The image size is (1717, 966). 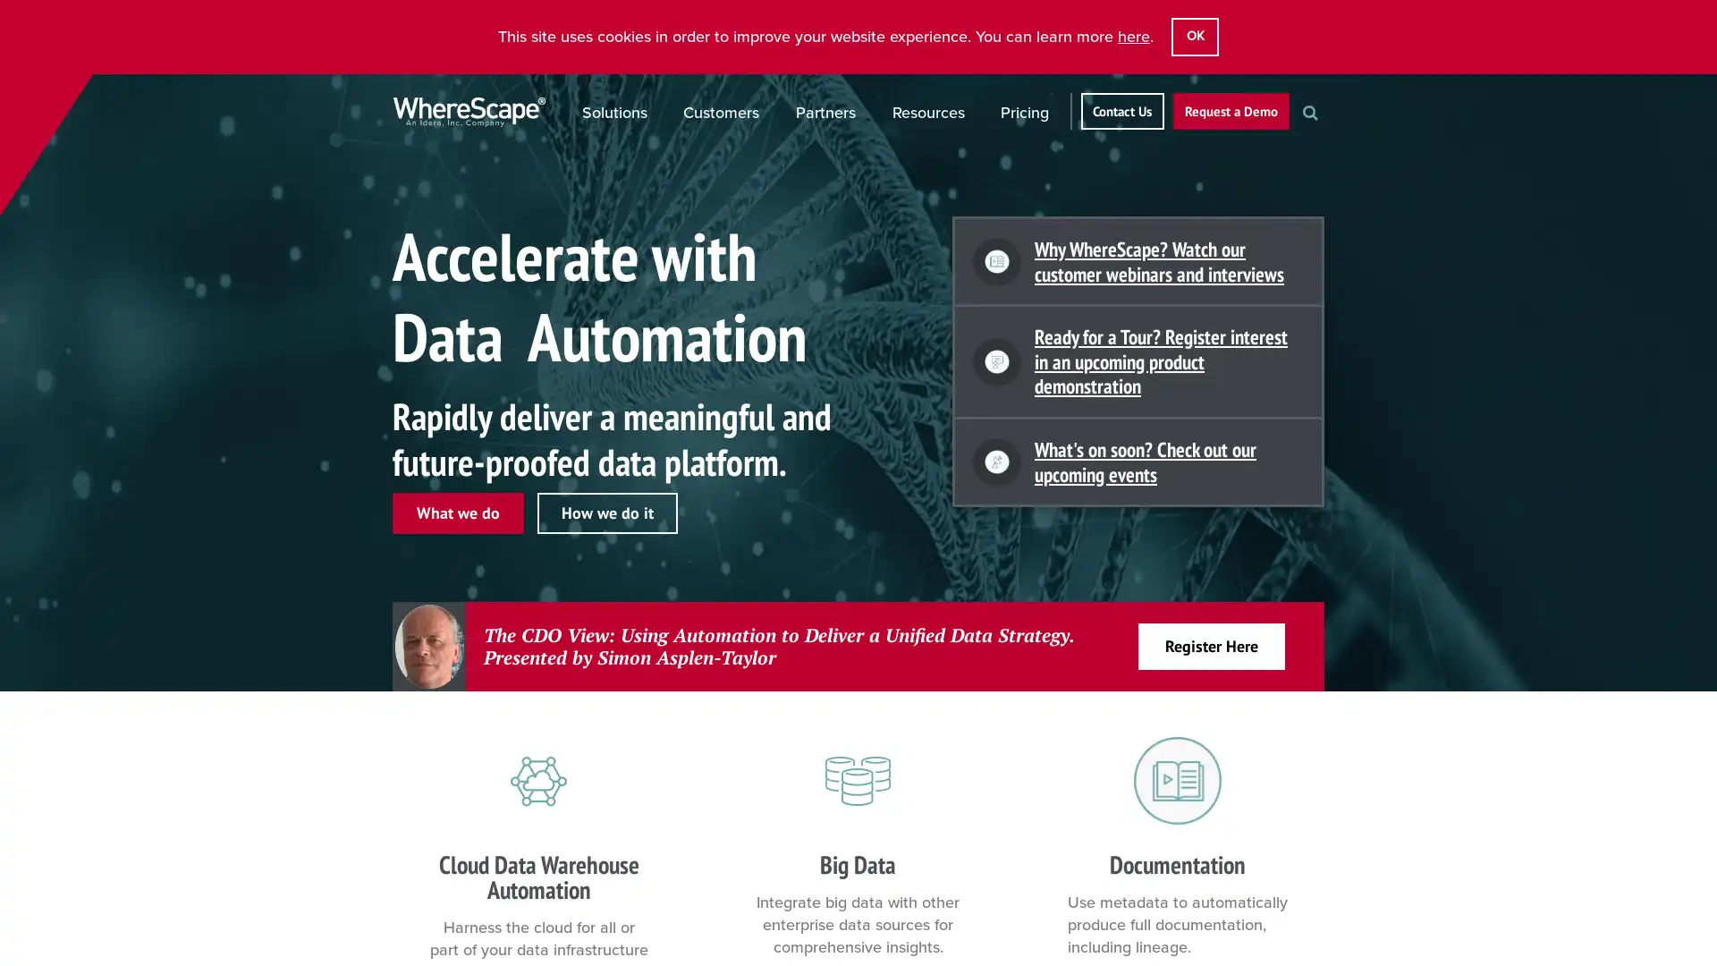 What do you see at coordinates (1194, 37) in the screenshot?
I see `OK` at bounding box center [1194, 37].